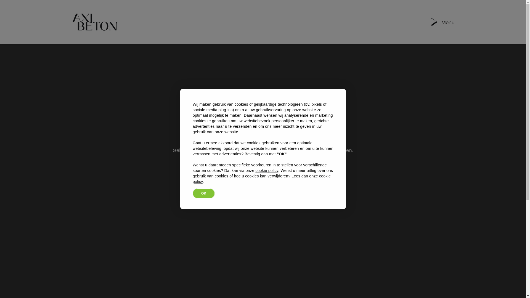 This screenshot has height=298, width=530. Describe the element at coordinates (263, 183) in the screenshot. I see `'terug naar home'` at that location.